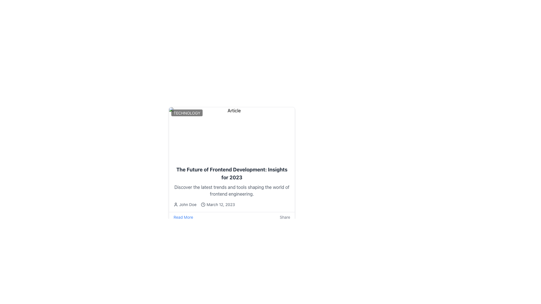 This screenshot has height=304, width=541. Describe the element at coordinates (176, 204) in the screenshot. I see `the user icon representing 'John Doe', located near the bottom left of its grouping, slightly to the left of the clock icon` at that location.